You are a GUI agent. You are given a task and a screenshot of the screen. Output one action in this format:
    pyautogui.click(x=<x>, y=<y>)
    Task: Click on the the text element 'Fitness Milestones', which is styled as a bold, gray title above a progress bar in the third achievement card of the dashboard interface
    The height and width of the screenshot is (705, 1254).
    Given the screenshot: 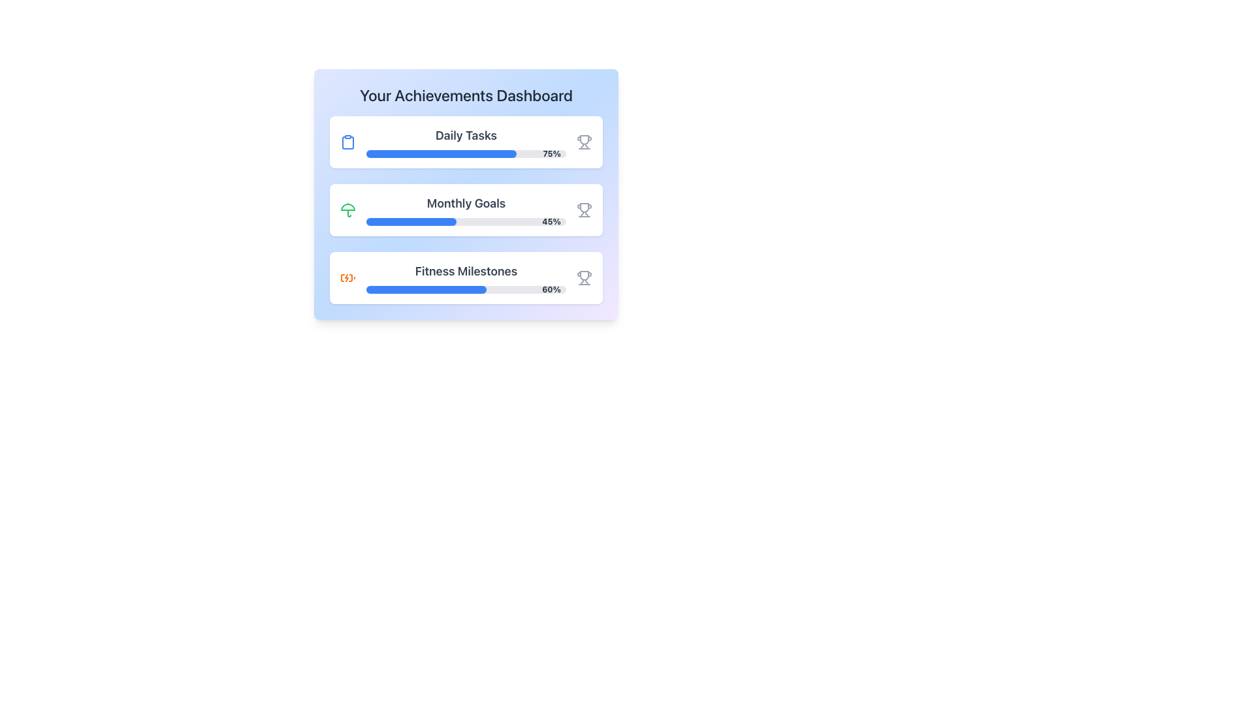 What is the action you would take?
    pyautogui.click(x=466, y=271)
    